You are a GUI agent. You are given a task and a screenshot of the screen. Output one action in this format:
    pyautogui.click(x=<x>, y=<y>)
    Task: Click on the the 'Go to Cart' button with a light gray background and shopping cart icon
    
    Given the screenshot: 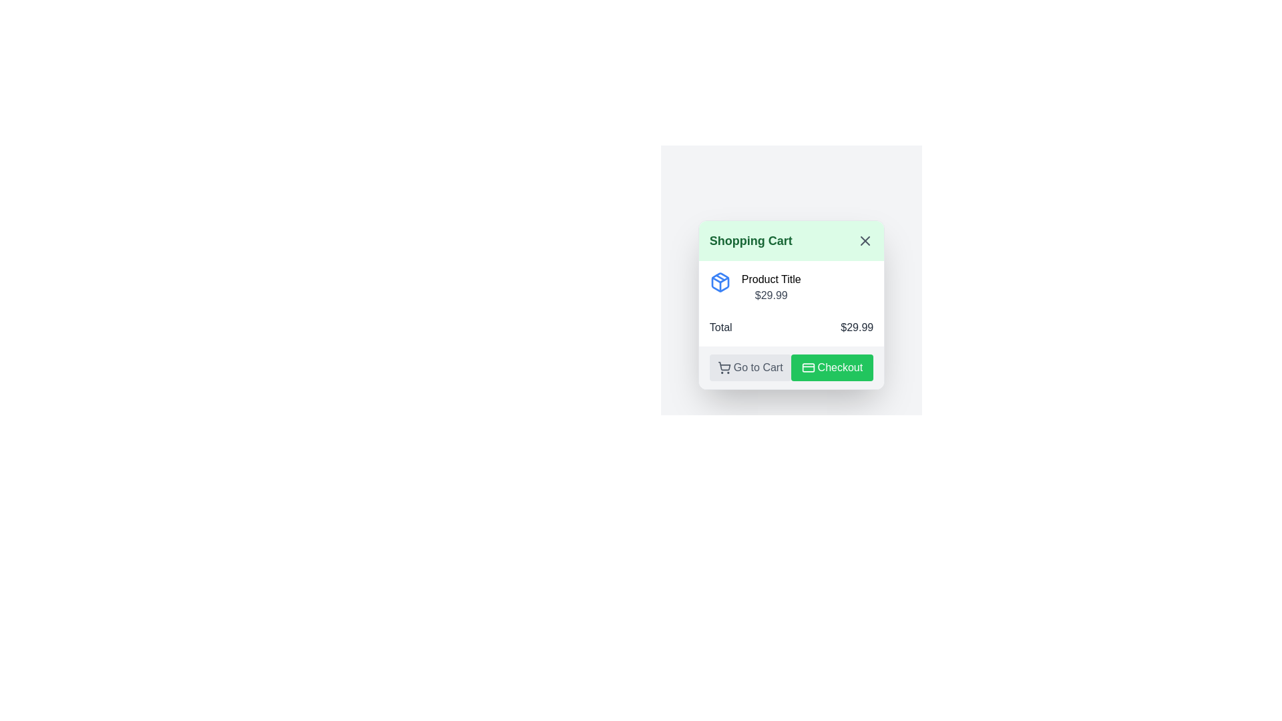 What is the action you would take?
    pyautogui.click(x=750, y=368)
    